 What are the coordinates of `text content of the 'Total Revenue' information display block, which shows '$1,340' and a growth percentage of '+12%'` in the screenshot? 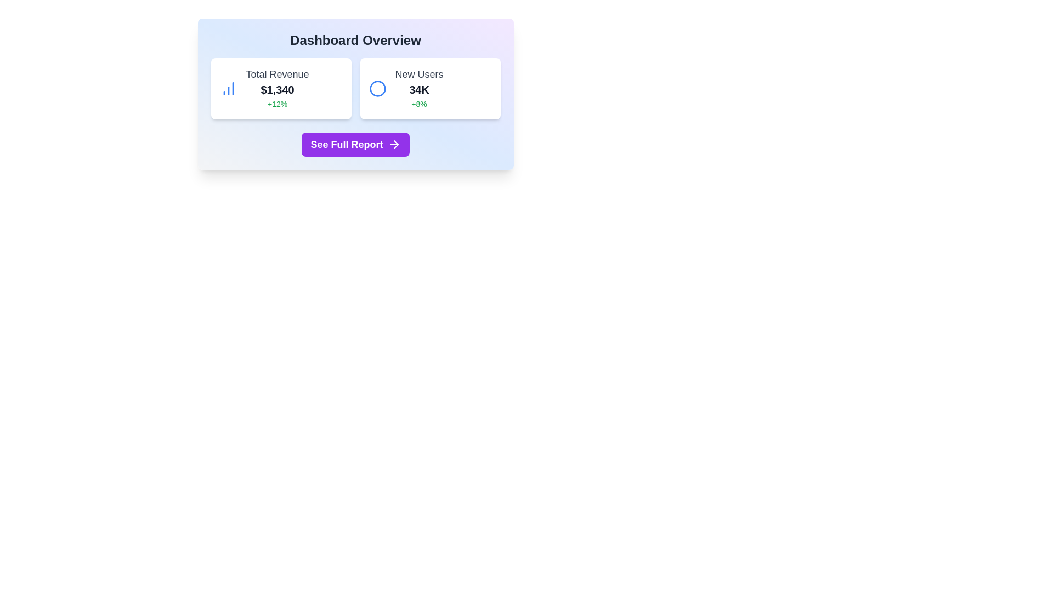 It's located at (278, 88).